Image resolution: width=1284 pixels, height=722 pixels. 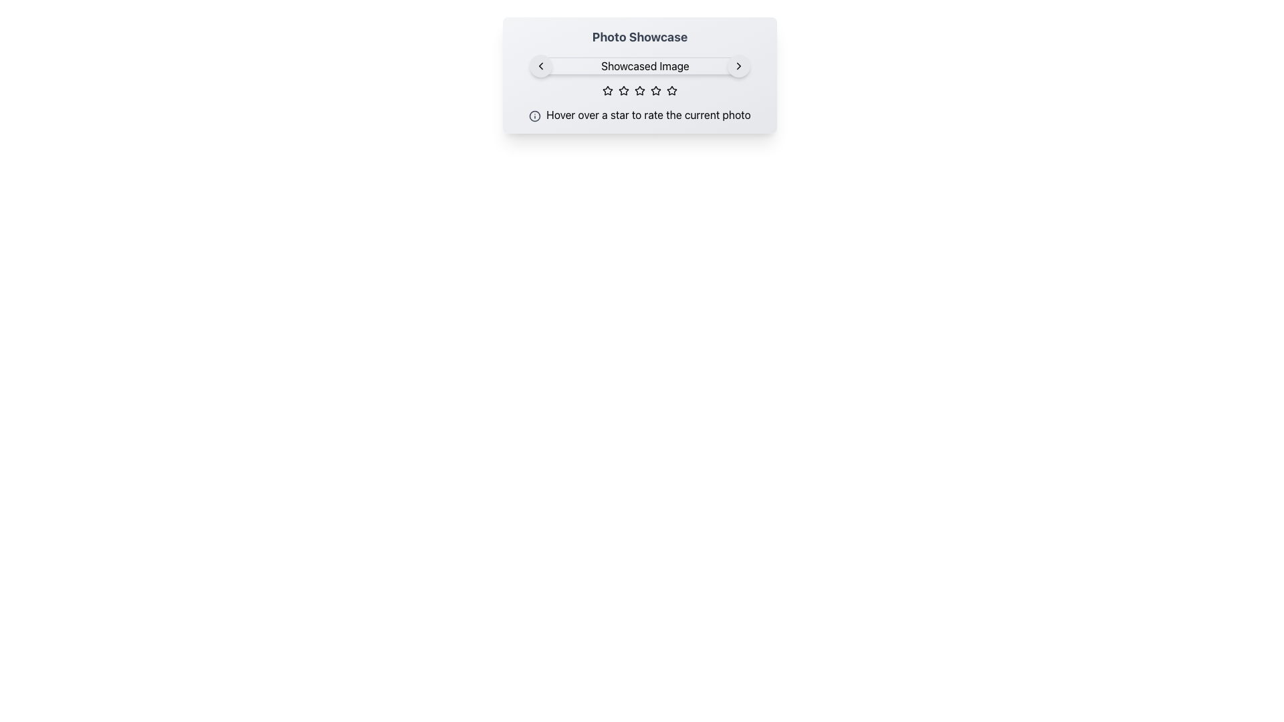 What do you see at coordinates (535, 115) in the screenshot?
I see `the small circular gray decorative icon located to the left of the rating instructions text in the 'Photo Showcase' section` at bounding box center [535, 115].